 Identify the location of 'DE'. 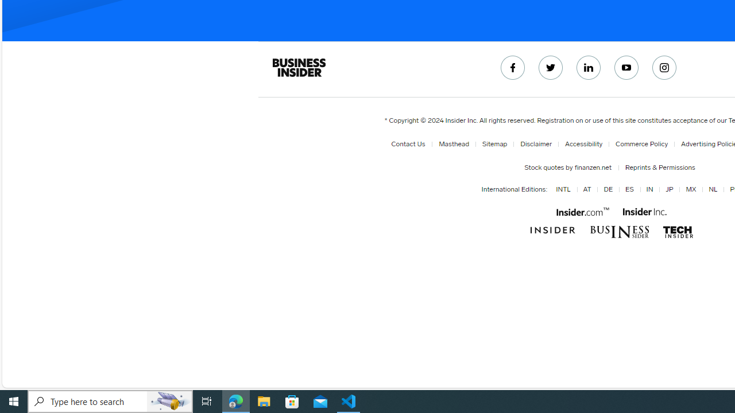
(608, 189).